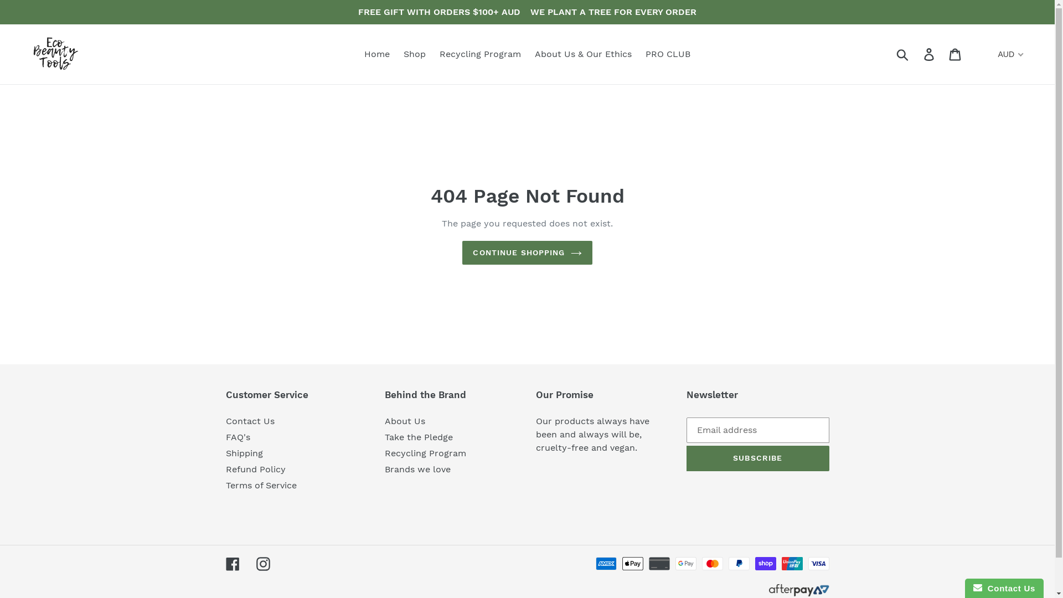  I want to click on 'Facebook', so click(225, 564).